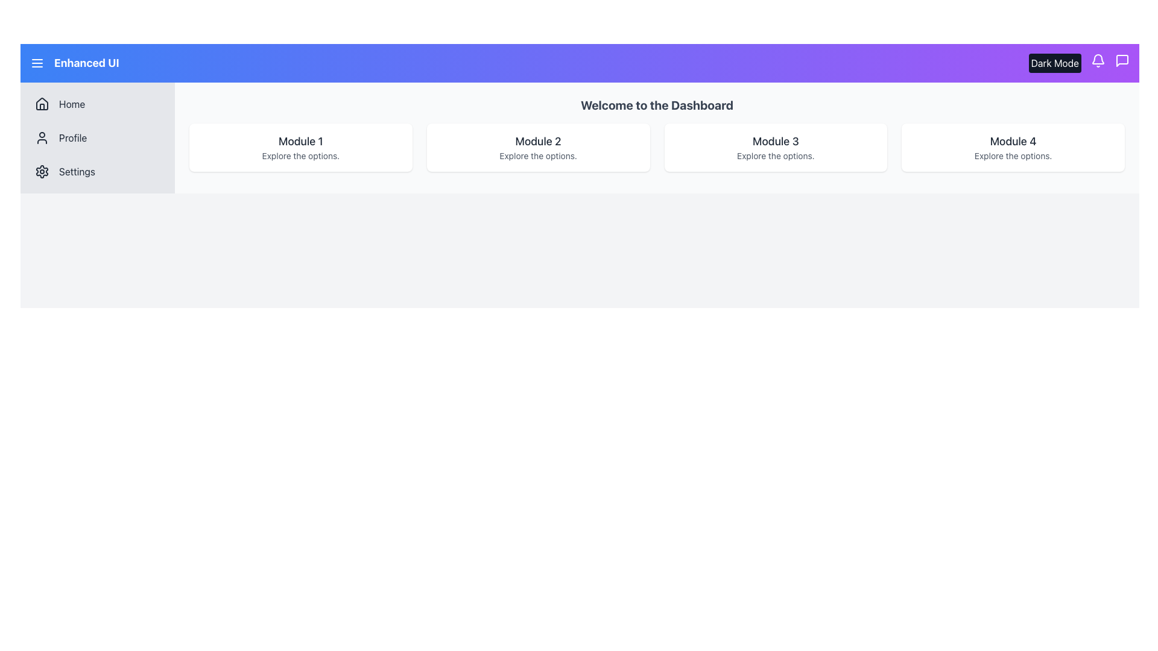  I want to click on the 'Enhanced UI' text label in the top navigation bar, which is styled with a bold and large font and has a gradient background transitioning from blue to purple, so click(74, 63).